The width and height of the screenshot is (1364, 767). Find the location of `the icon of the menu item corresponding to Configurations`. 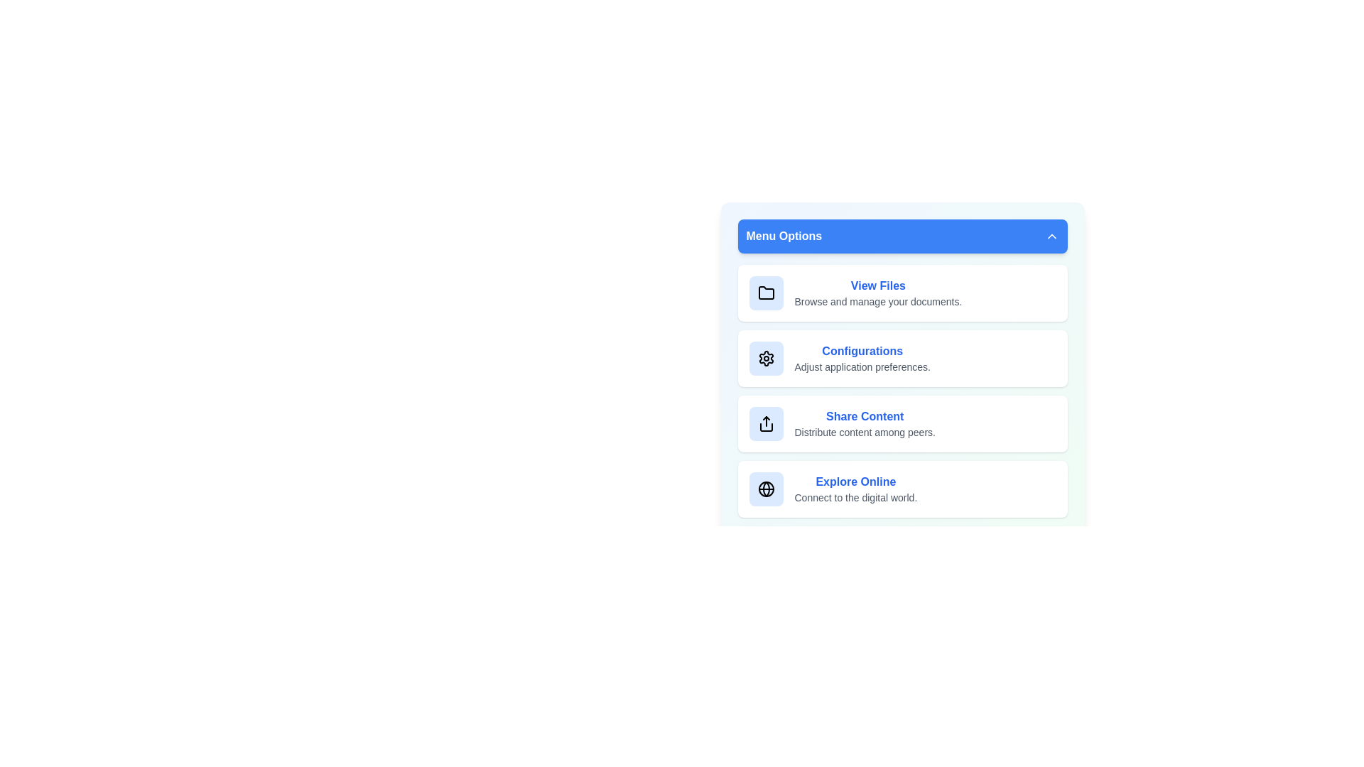

the icon of the menu item corresponding to Configurations is located at coordinates (765, 358).